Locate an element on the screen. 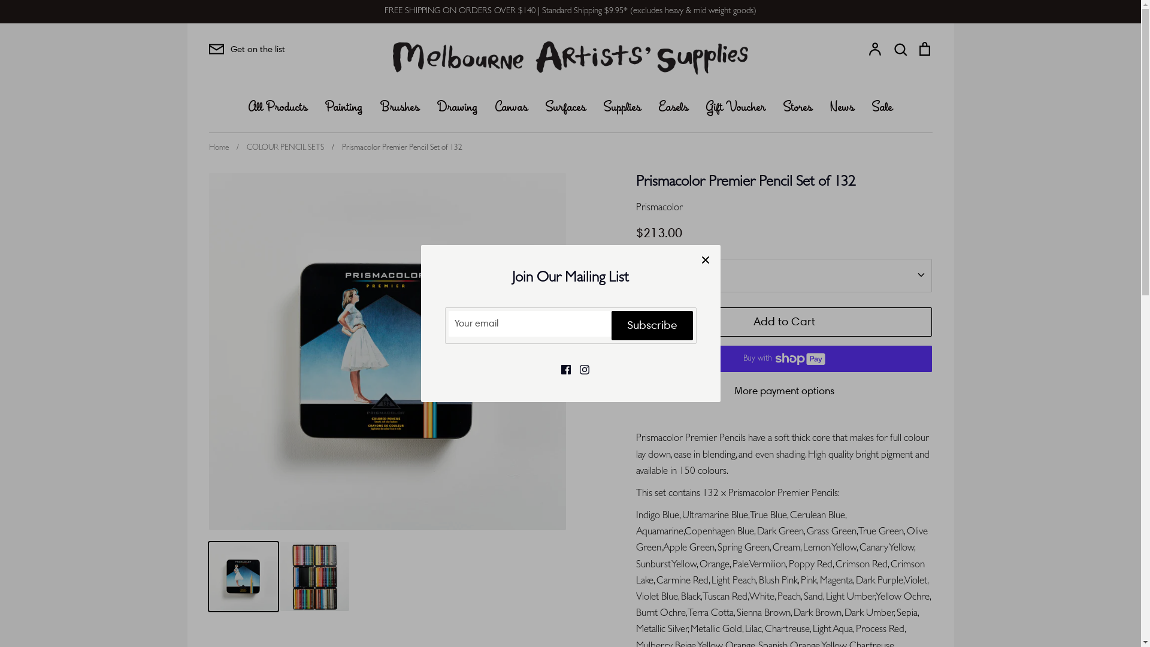  'More payment options' is located at coordinates (784, 391).